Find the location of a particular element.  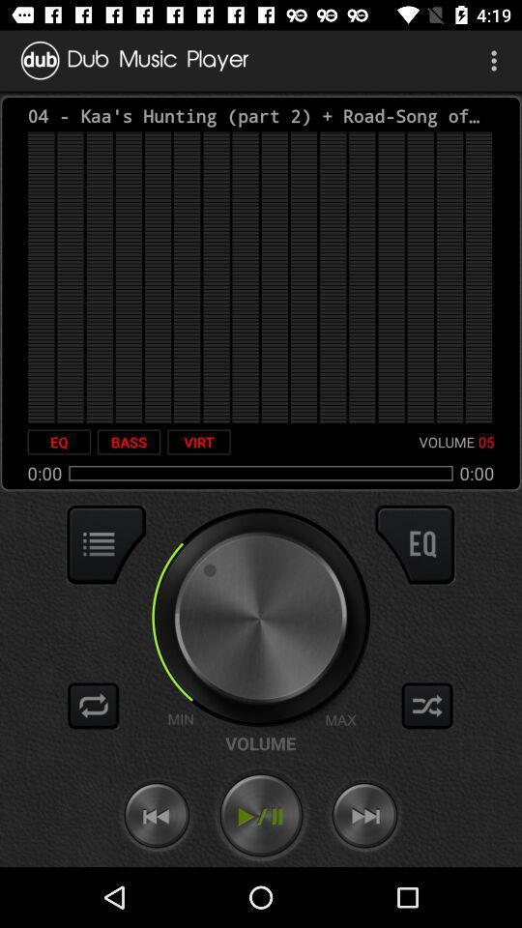

play audio is located at coordinates (261, 815).